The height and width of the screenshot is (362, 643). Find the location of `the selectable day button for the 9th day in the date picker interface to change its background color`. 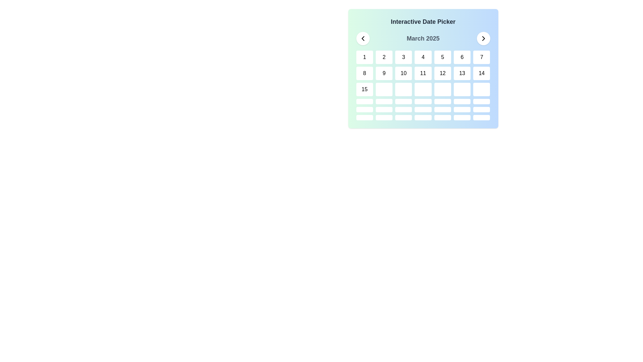

the selectable day button for the 9th day in the date picker interface to change its background color is located at coordinates (384, 73).